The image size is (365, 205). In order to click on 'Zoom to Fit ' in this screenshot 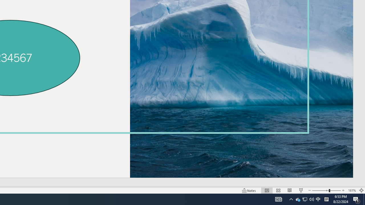, I will do `click(361, 190)`.